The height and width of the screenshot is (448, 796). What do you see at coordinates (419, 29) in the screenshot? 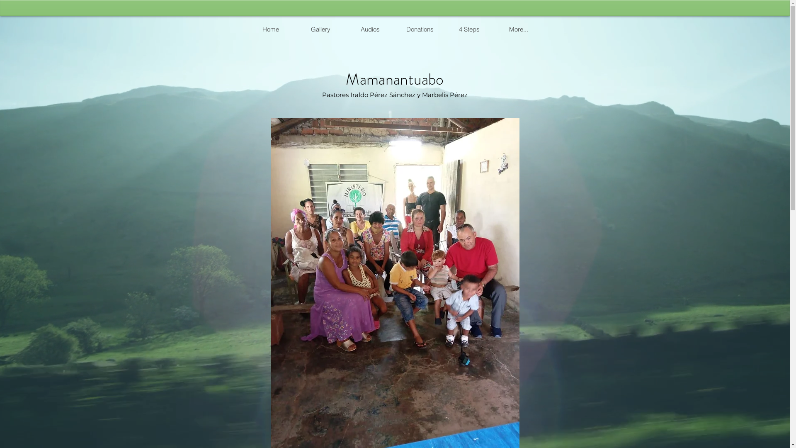
I see `'Donations'` at bounding box center [419, 29].